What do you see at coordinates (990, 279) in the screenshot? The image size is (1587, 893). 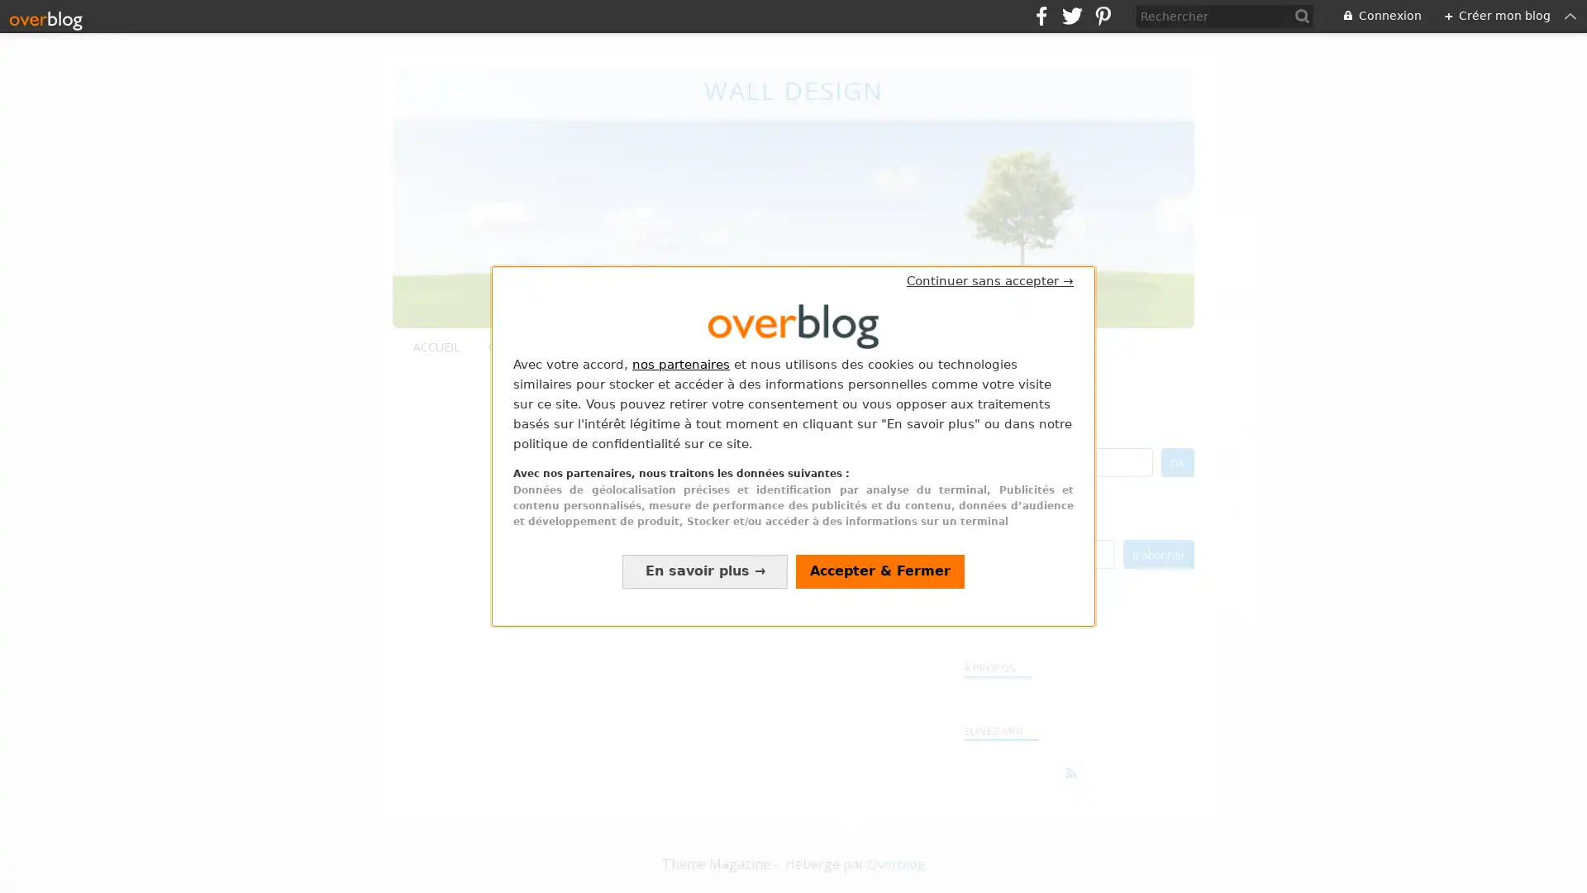 I see `Continuer sans accepter` at bounding box center [990, 279].